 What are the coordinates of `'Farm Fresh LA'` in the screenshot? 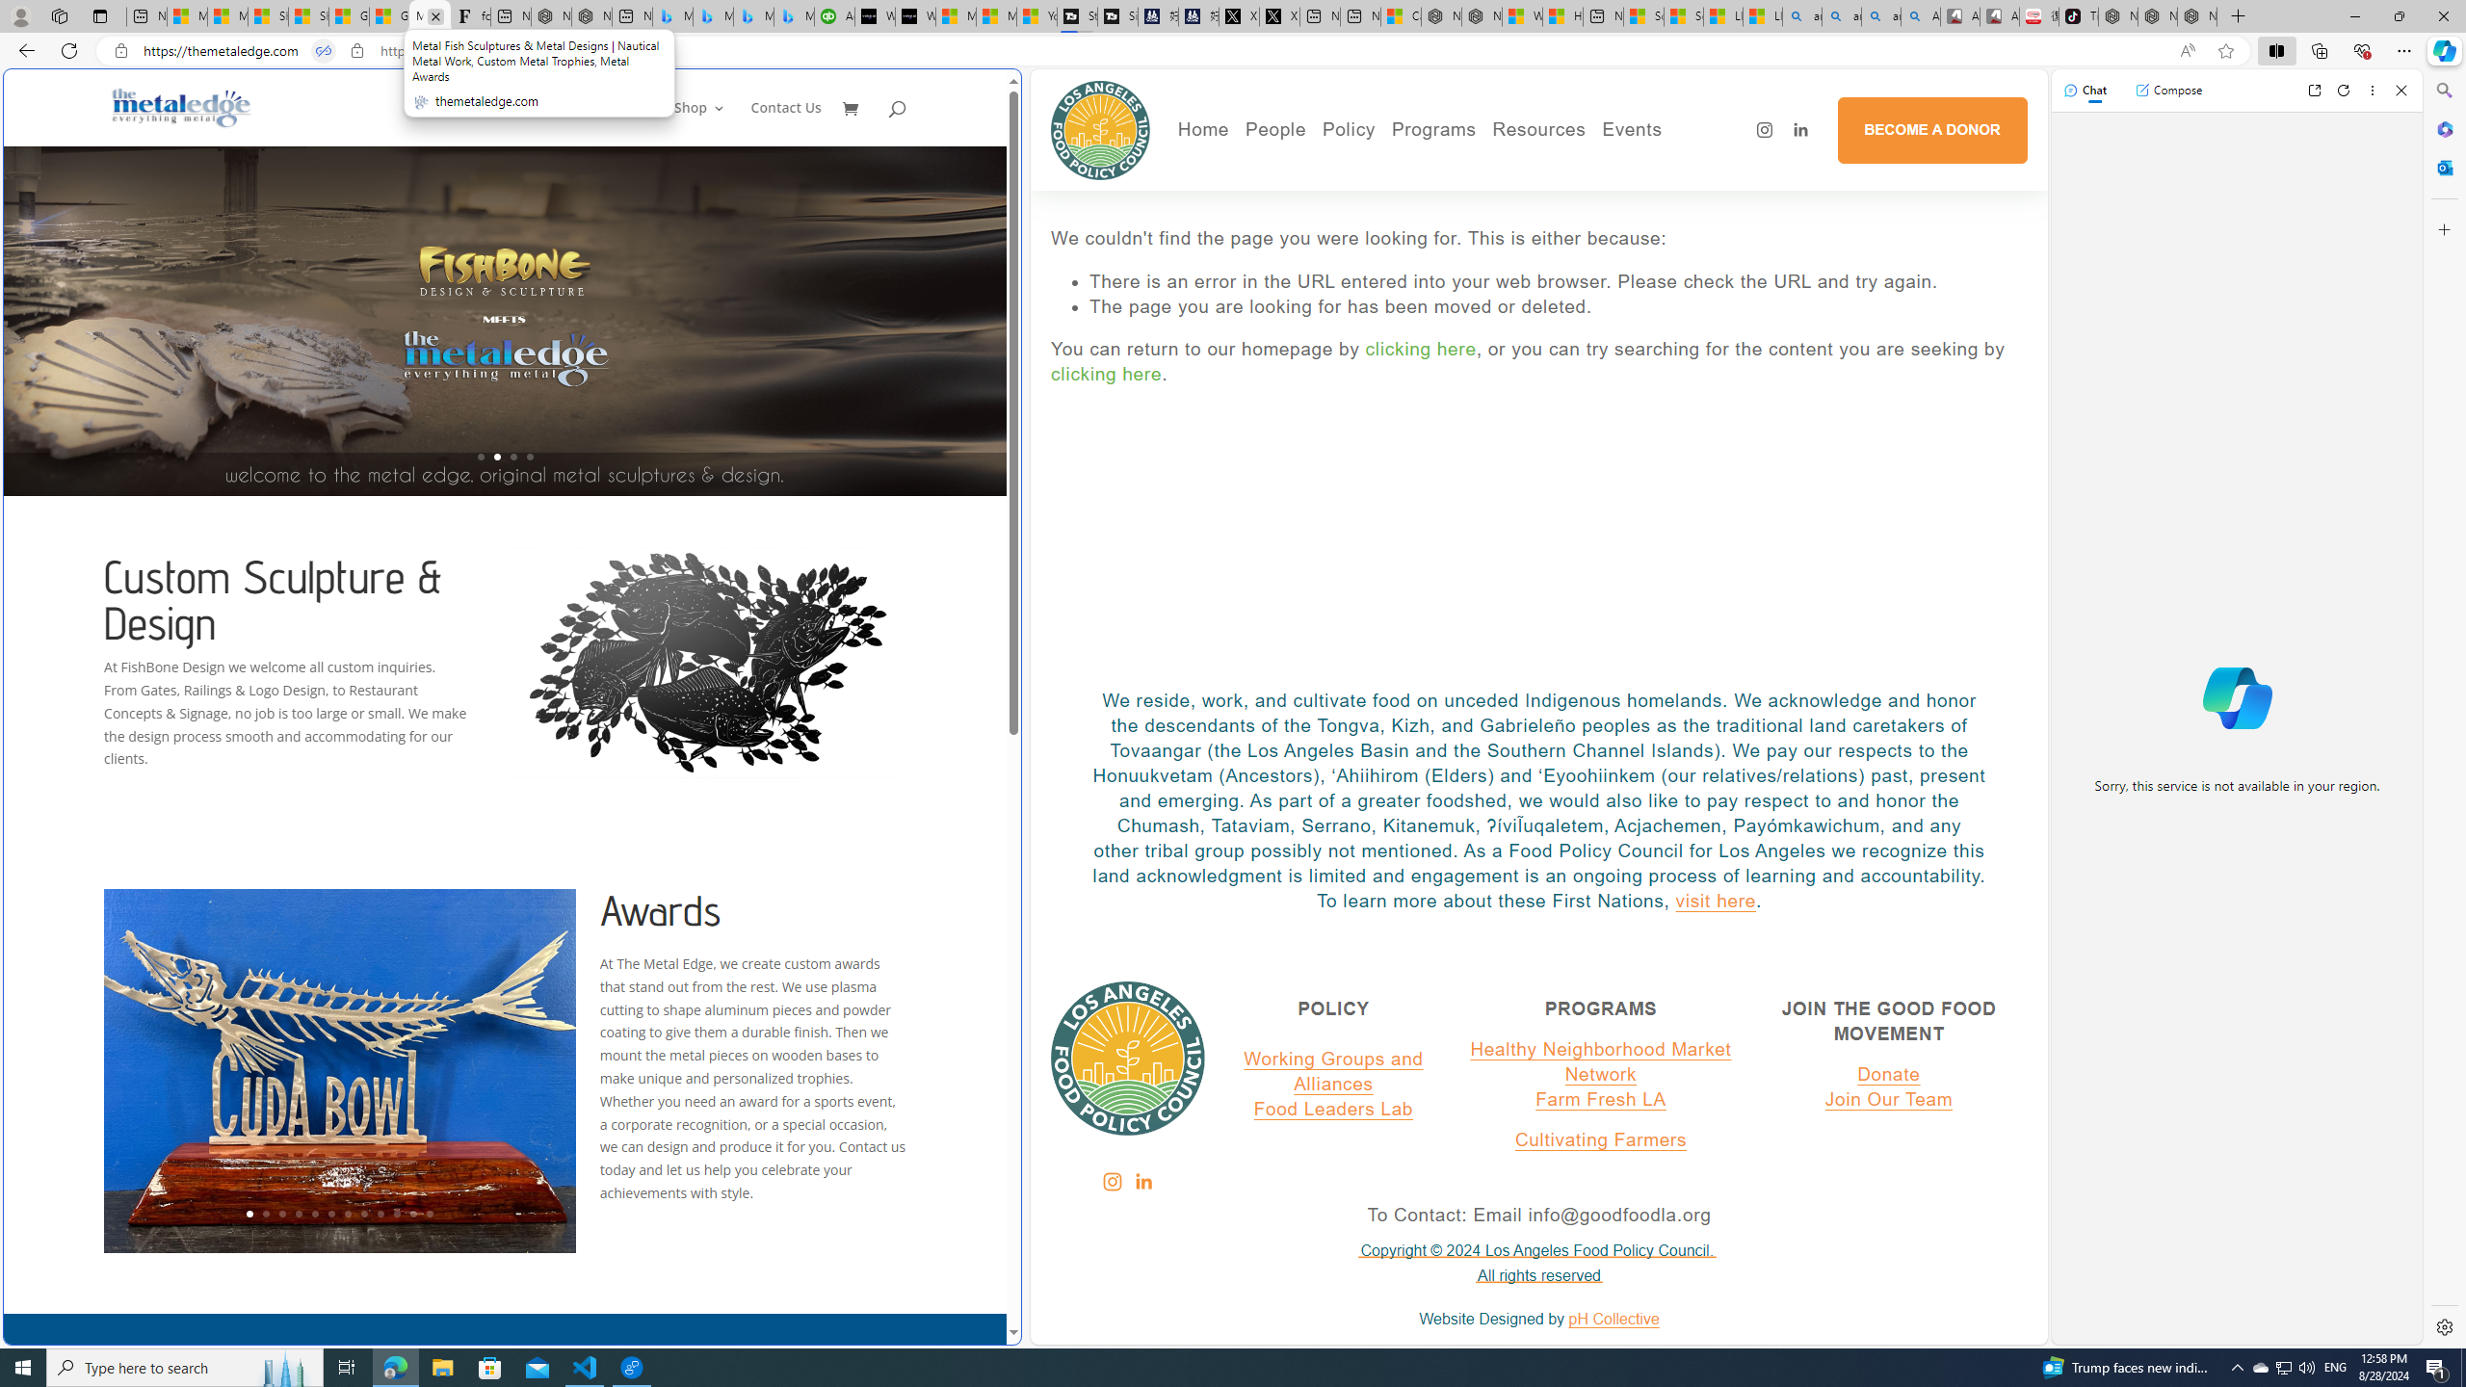 It's located at (1601, 1099).